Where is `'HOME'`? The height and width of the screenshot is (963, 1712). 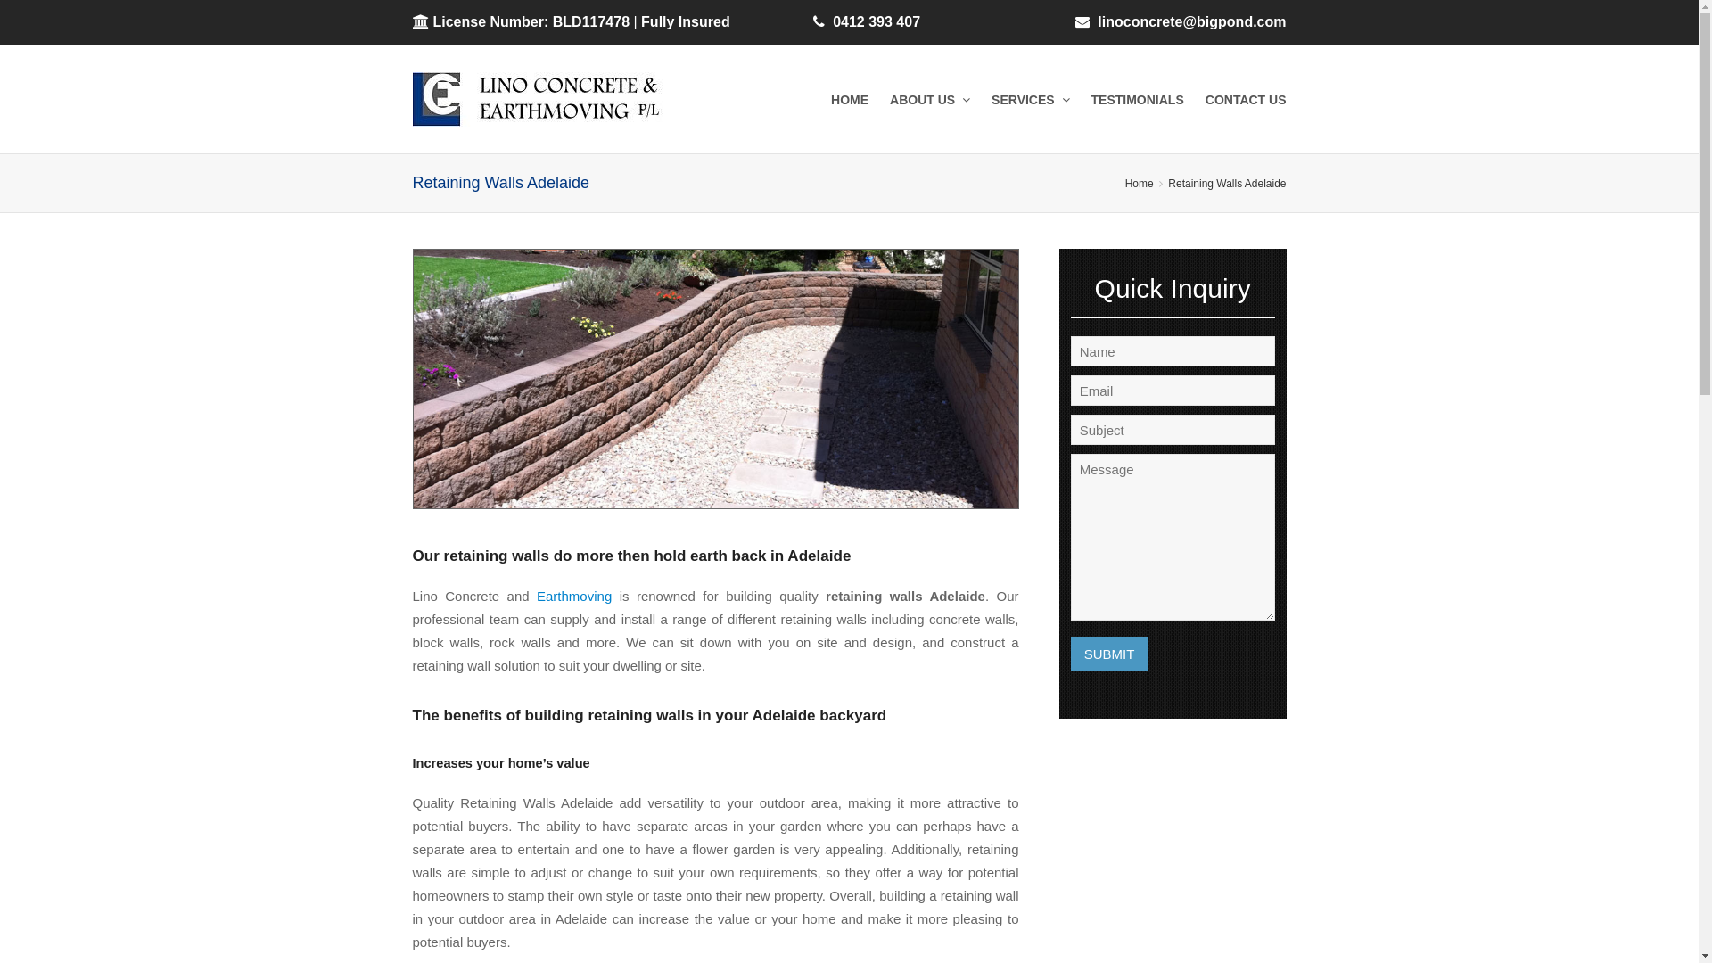
'HOME' is located at coordinates (849, 99).